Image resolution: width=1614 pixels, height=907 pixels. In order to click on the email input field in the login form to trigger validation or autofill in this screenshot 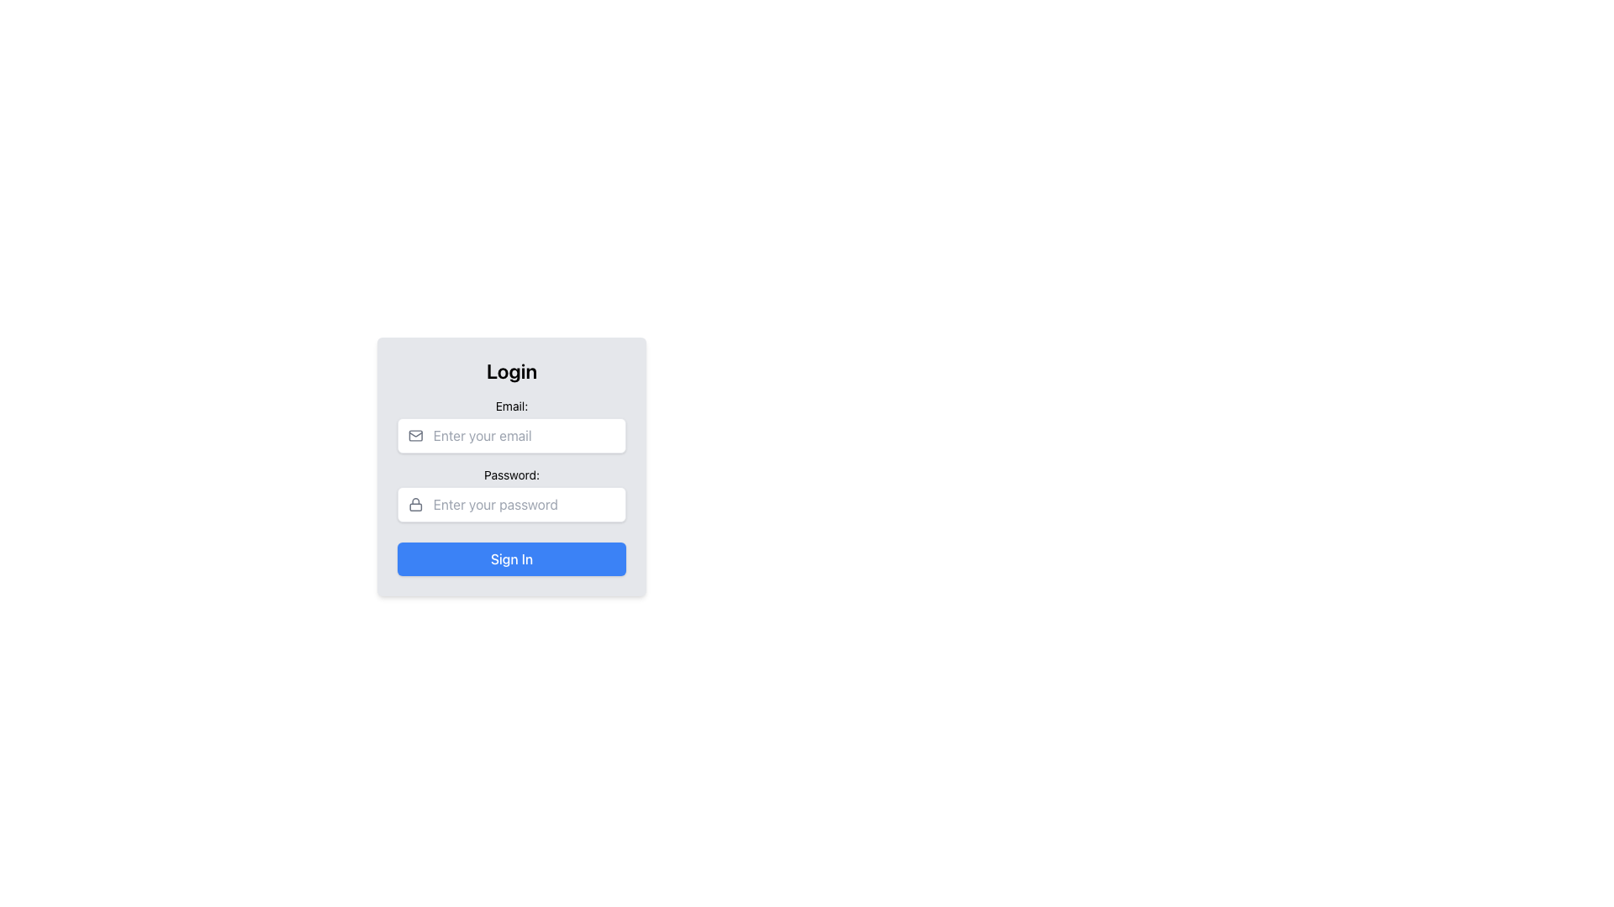, I will do `click(511, 424)`.